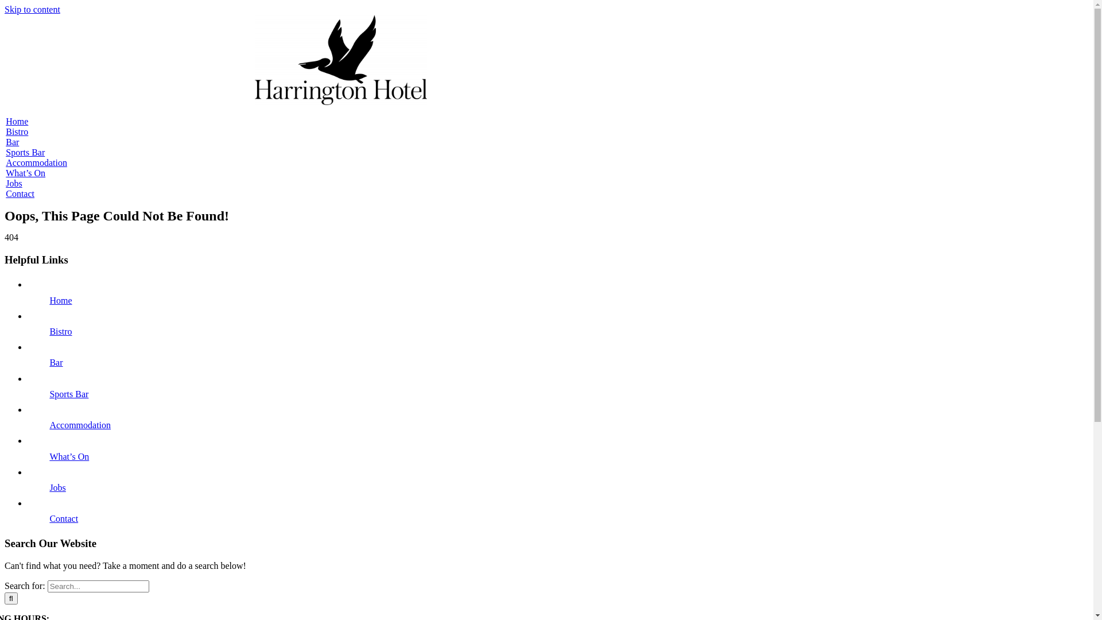  What do you see at coordinates (12, 141) in the screenshot?
I see `'Bar'` at bounding box center [12, 141].